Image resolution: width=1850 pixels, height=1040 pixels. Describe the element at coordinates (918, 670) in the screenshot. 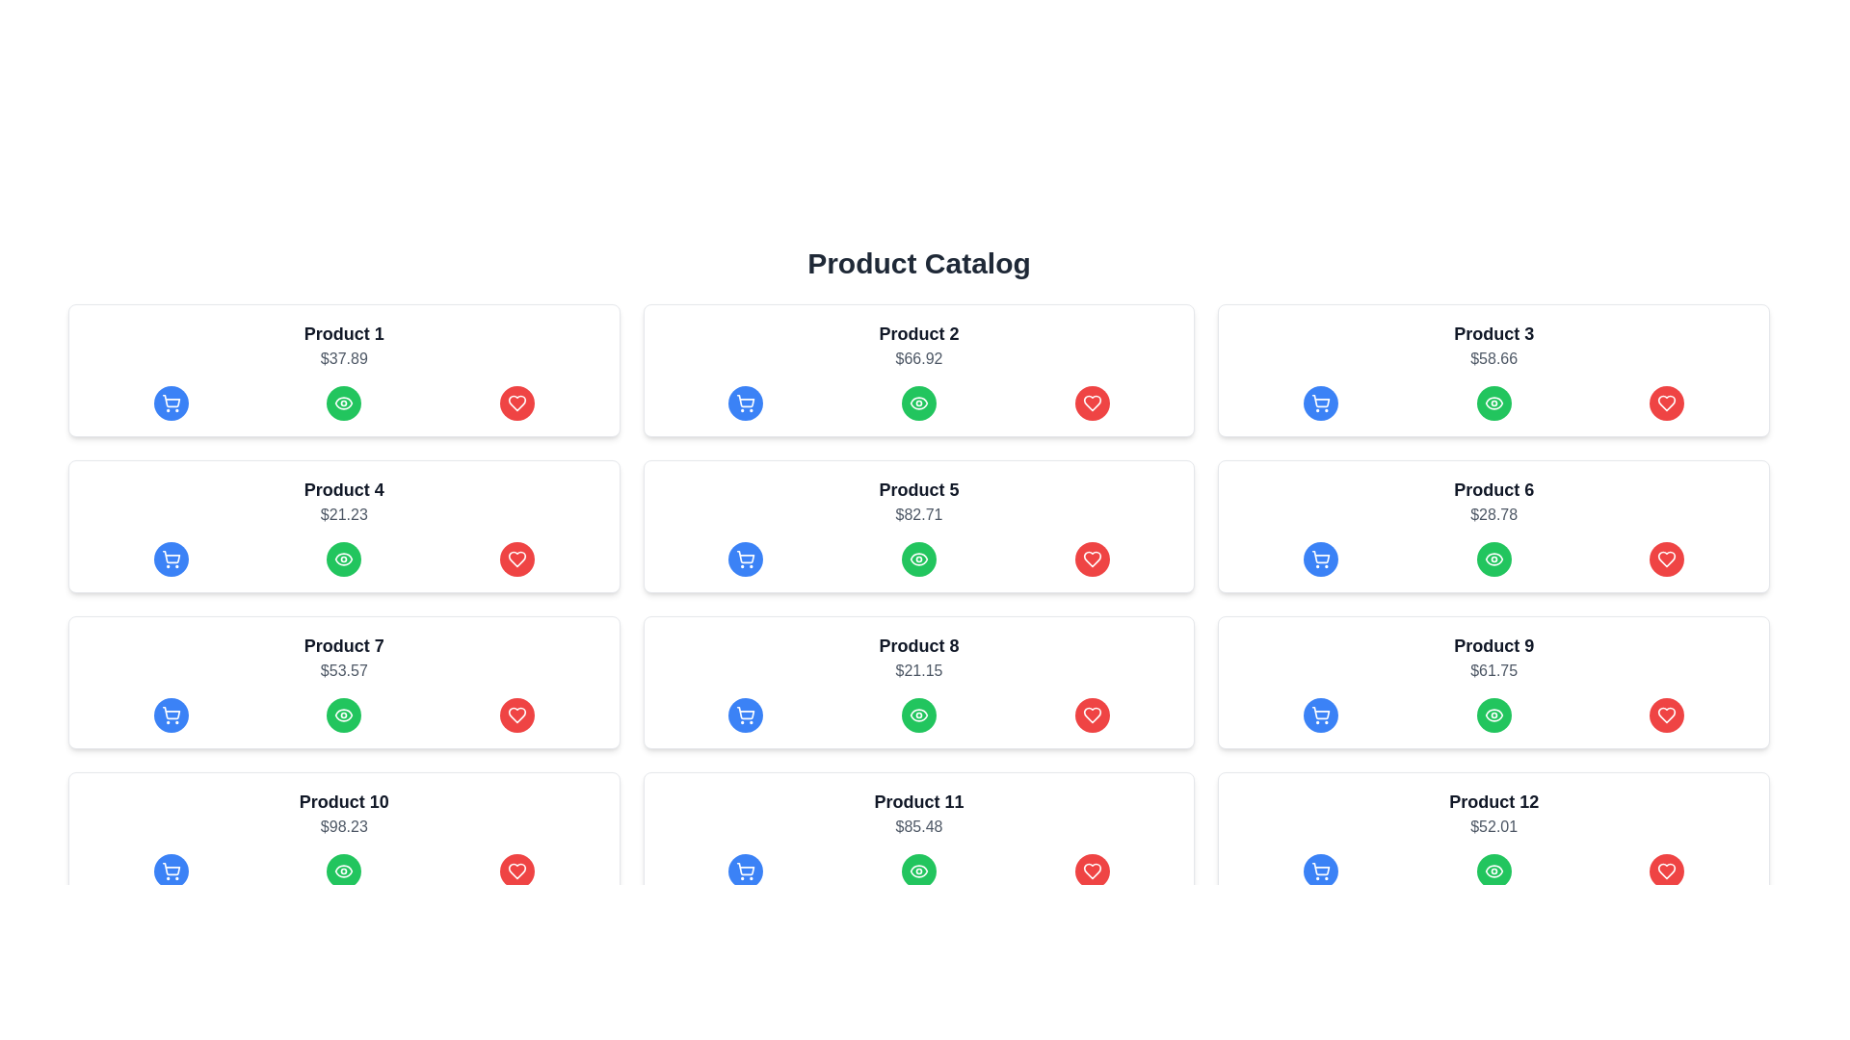

I see `the price label indicating the cost of 'Product 8', which is located directly below the product name within its card in the catalog grid` at that location.